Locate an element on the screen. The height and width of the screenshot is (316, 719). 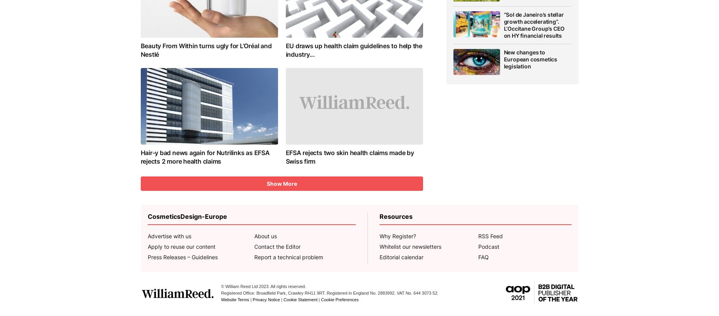
'New changes to European cosmetics legislation' is located at coordinates (530, 58).